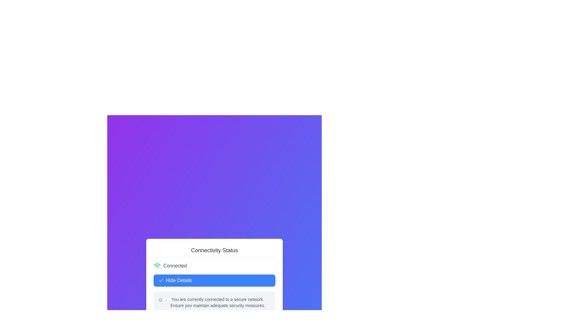 The image size is (585, 329). What do you see at coordinates (214, 251) in the screenshot?
I see `the 'Connectivity Status' text label, which is displayed in a larger, bold font with a medium gray color at the top of the card-like interface` at bounding box center [214, 251].